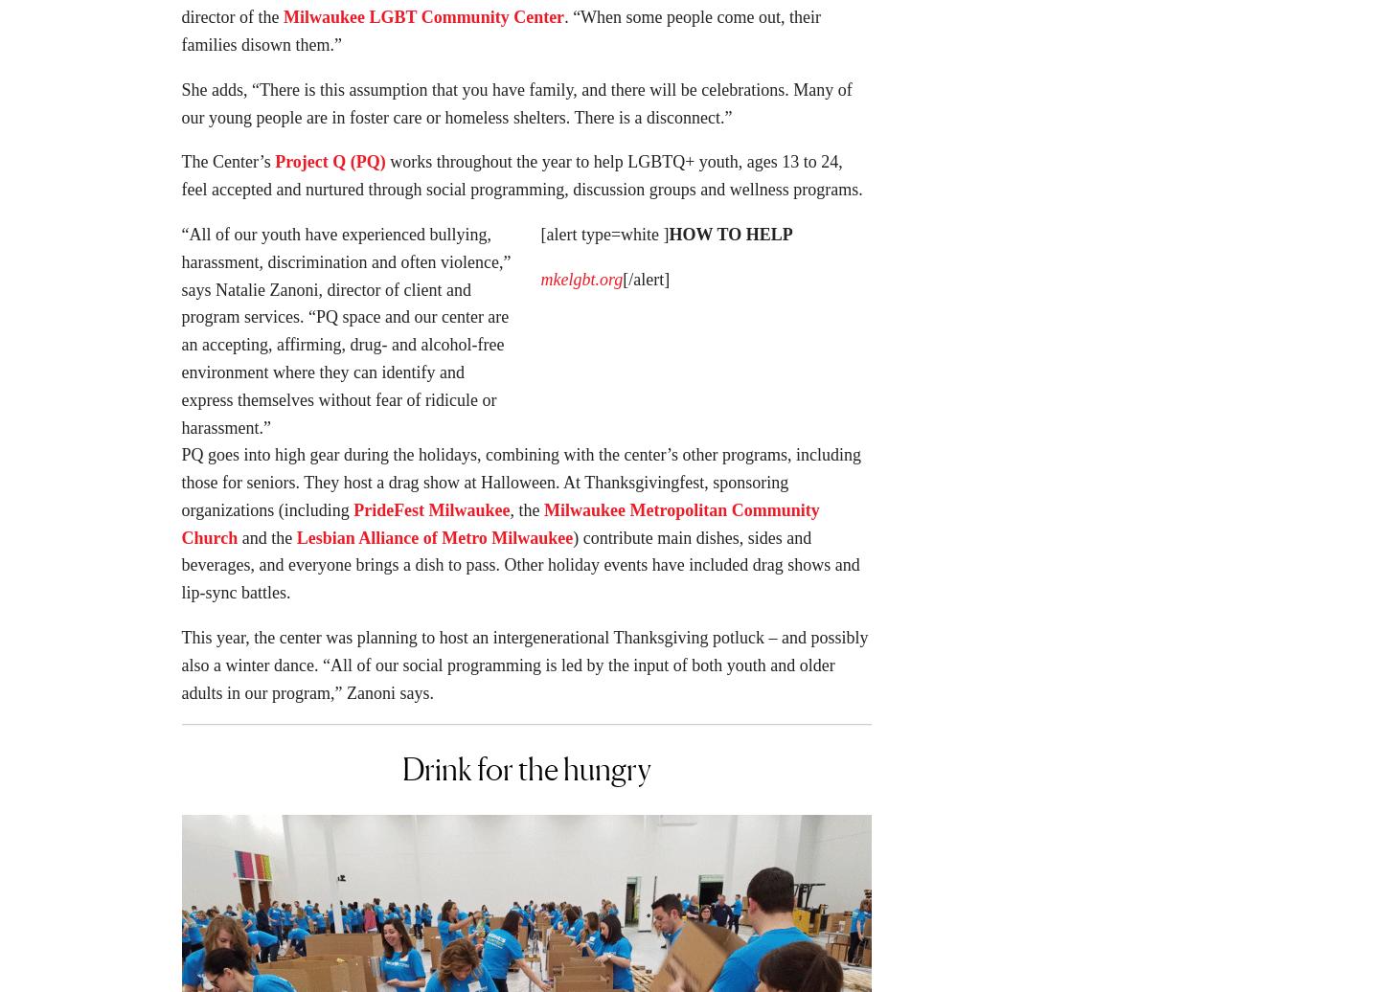 Image resolution: width=1389 pixels, height=992 pixels. What do you see at coordinates (668, 240) in the screenshot?
I see `'HOW TO HELP'` at bounding box center [668, 240].